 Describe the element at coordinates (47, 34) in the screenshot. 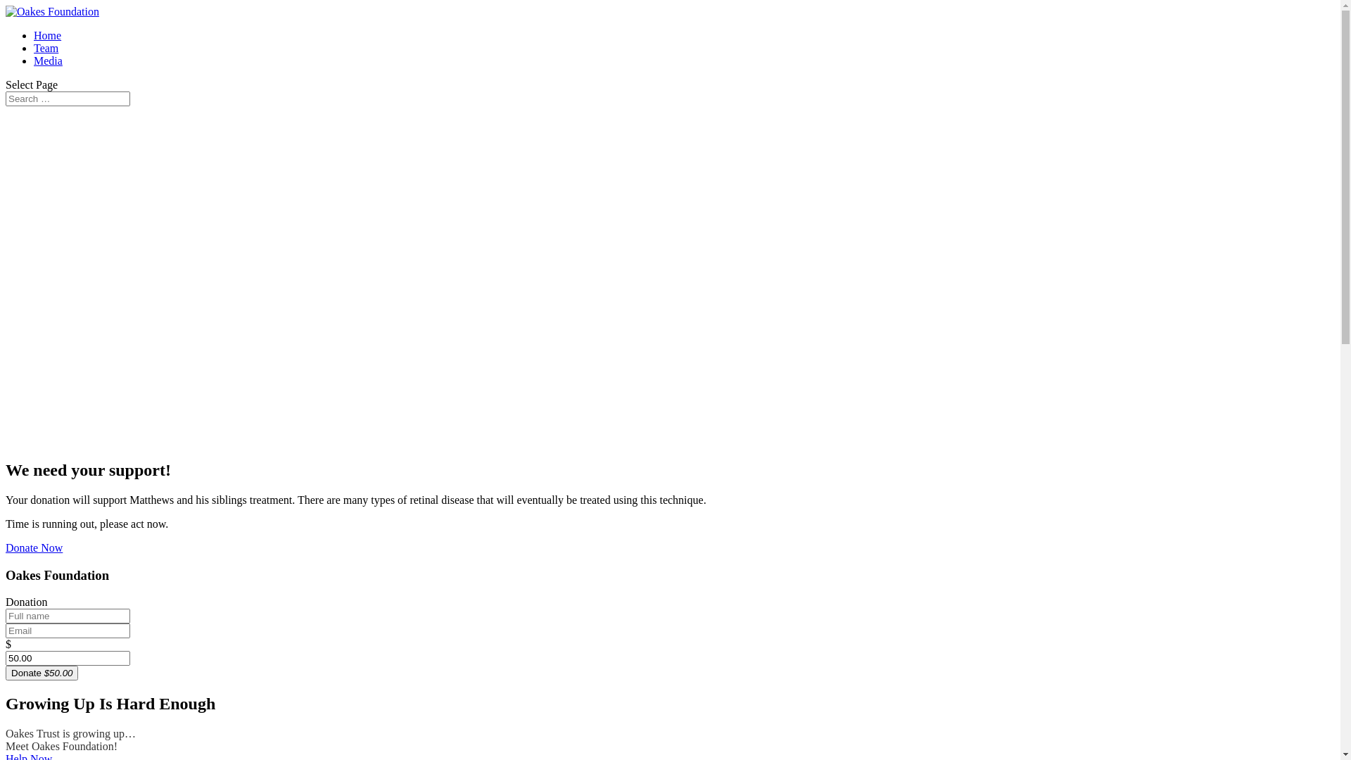

I see `'Home'` at that location.